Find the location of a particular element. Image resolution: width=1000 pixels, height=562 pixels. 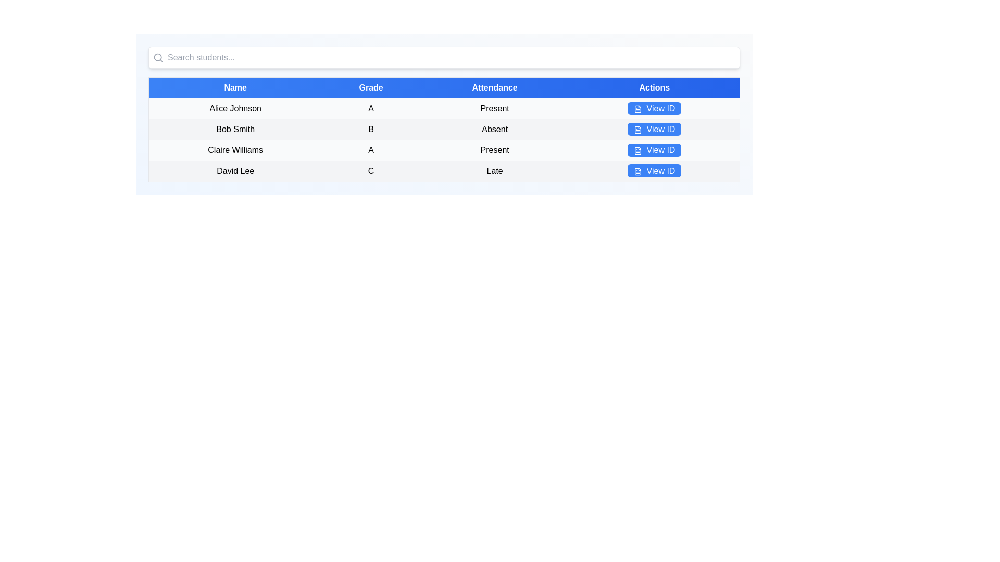

the Interactive Button in the last row of the table under the 'Actions' column is located at coordinates (654, 171).